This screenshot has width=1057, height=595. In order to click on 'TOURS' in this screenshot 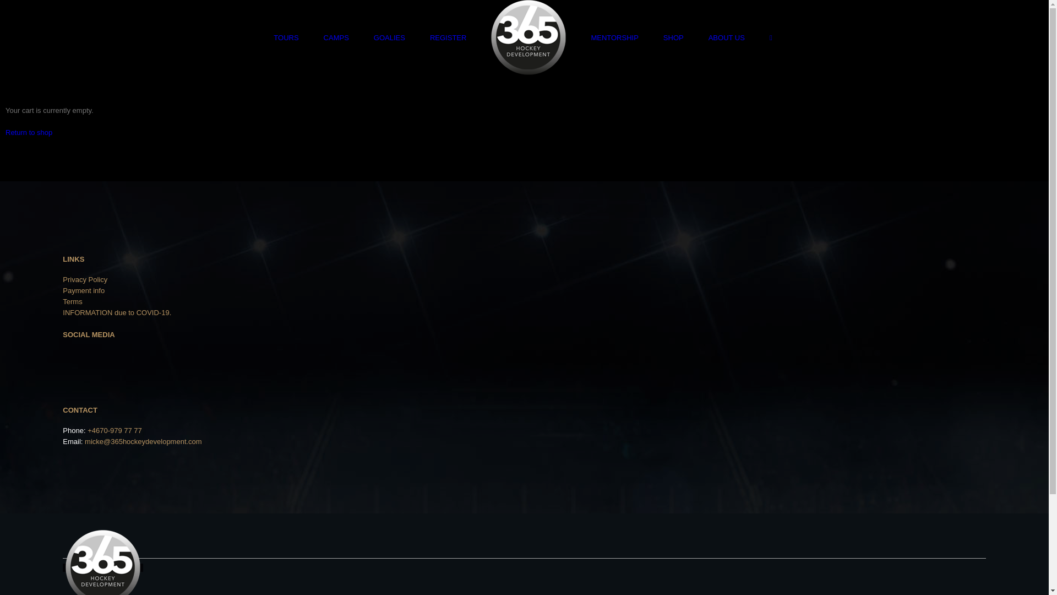, I will do `click(286, 37)`.